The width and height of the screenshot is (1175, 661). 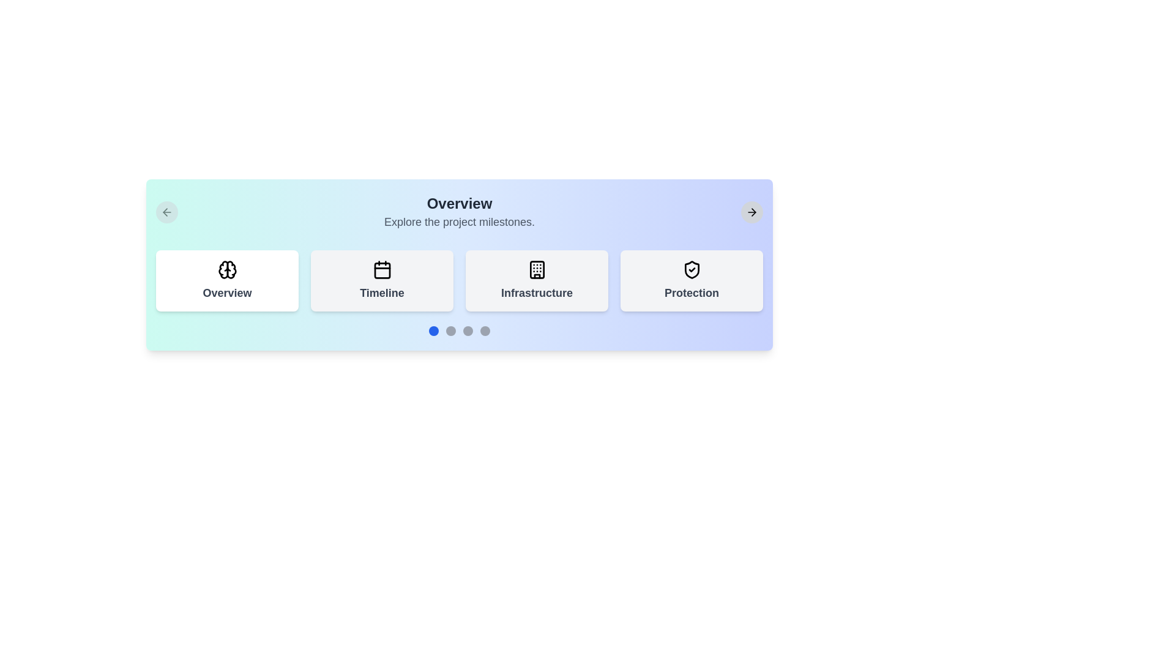 I want to click on the second circular button with a gray background, so click(x=450, y=330).